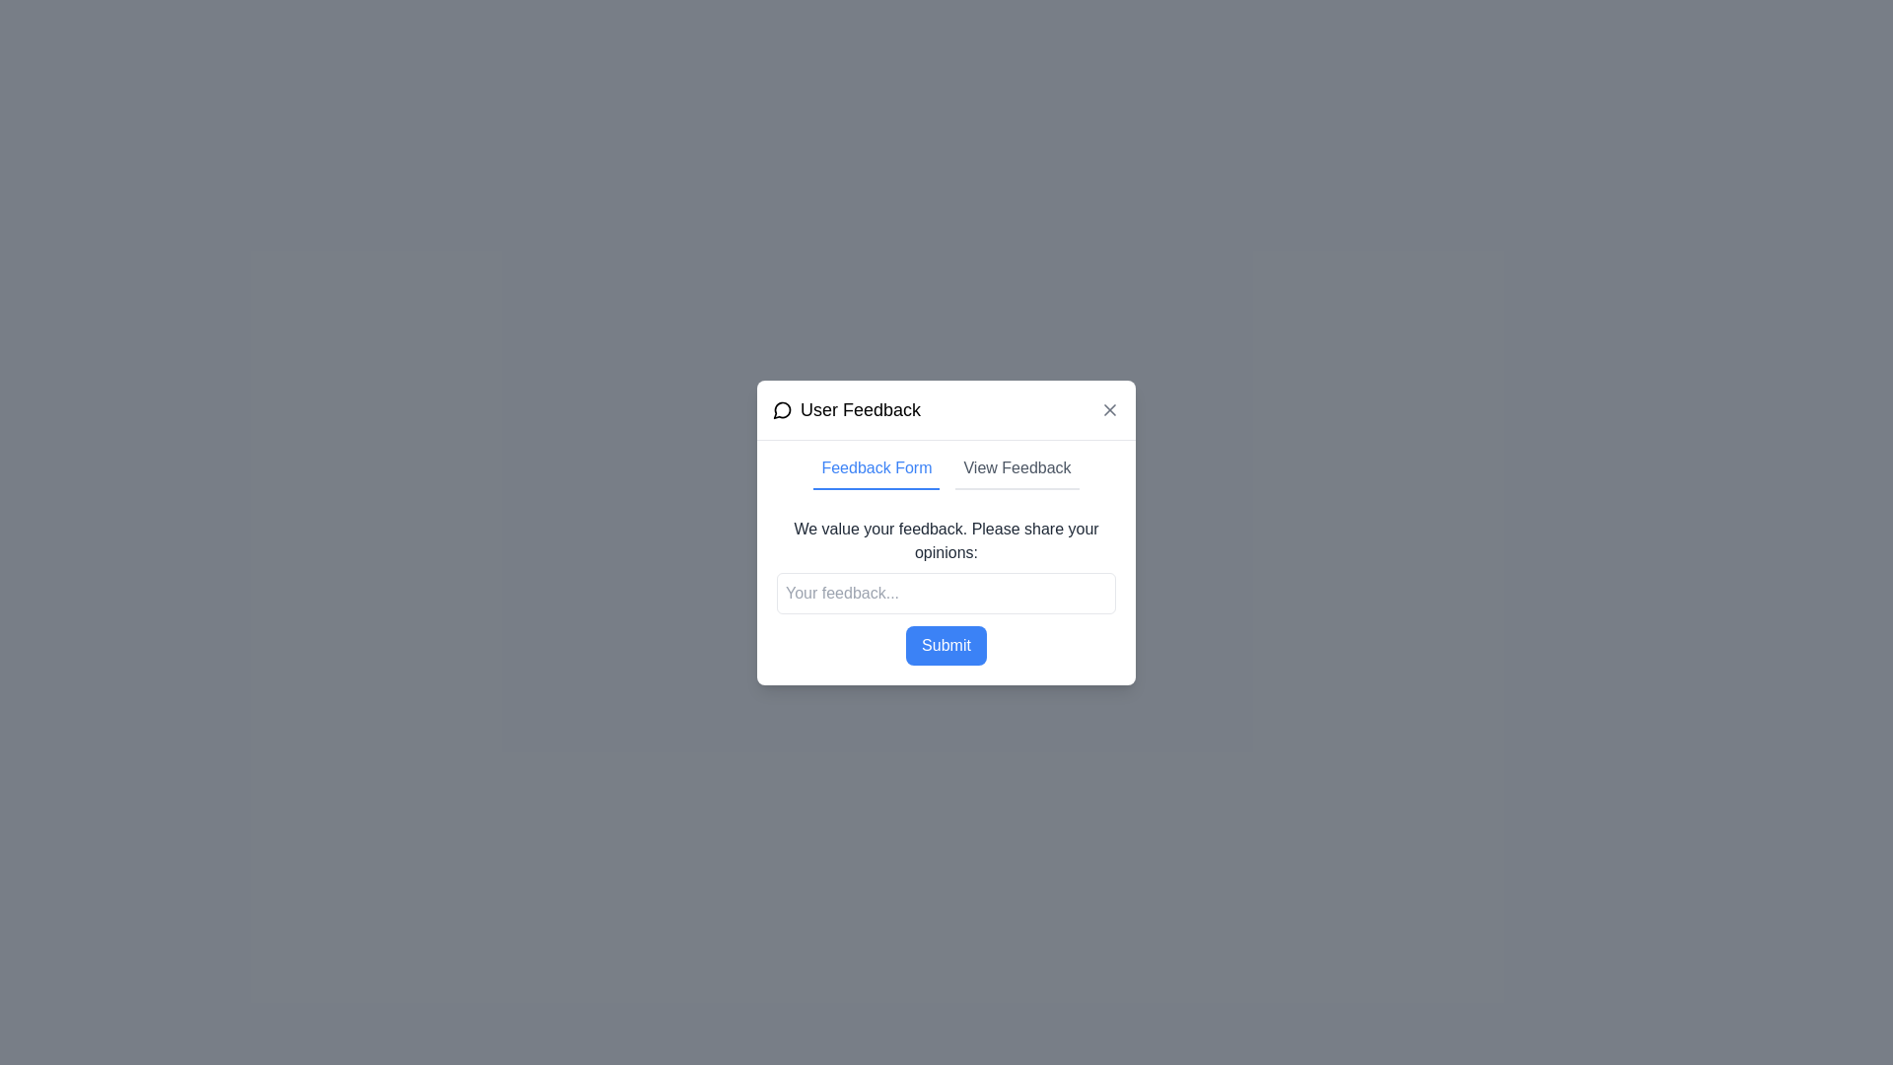  What do you see at coordinates (847, 408) in the screenshot?
I see `displayed text of the Label with an accompanying icon, located at the center top of the feedback dialog` at bounding box center [847, 408].